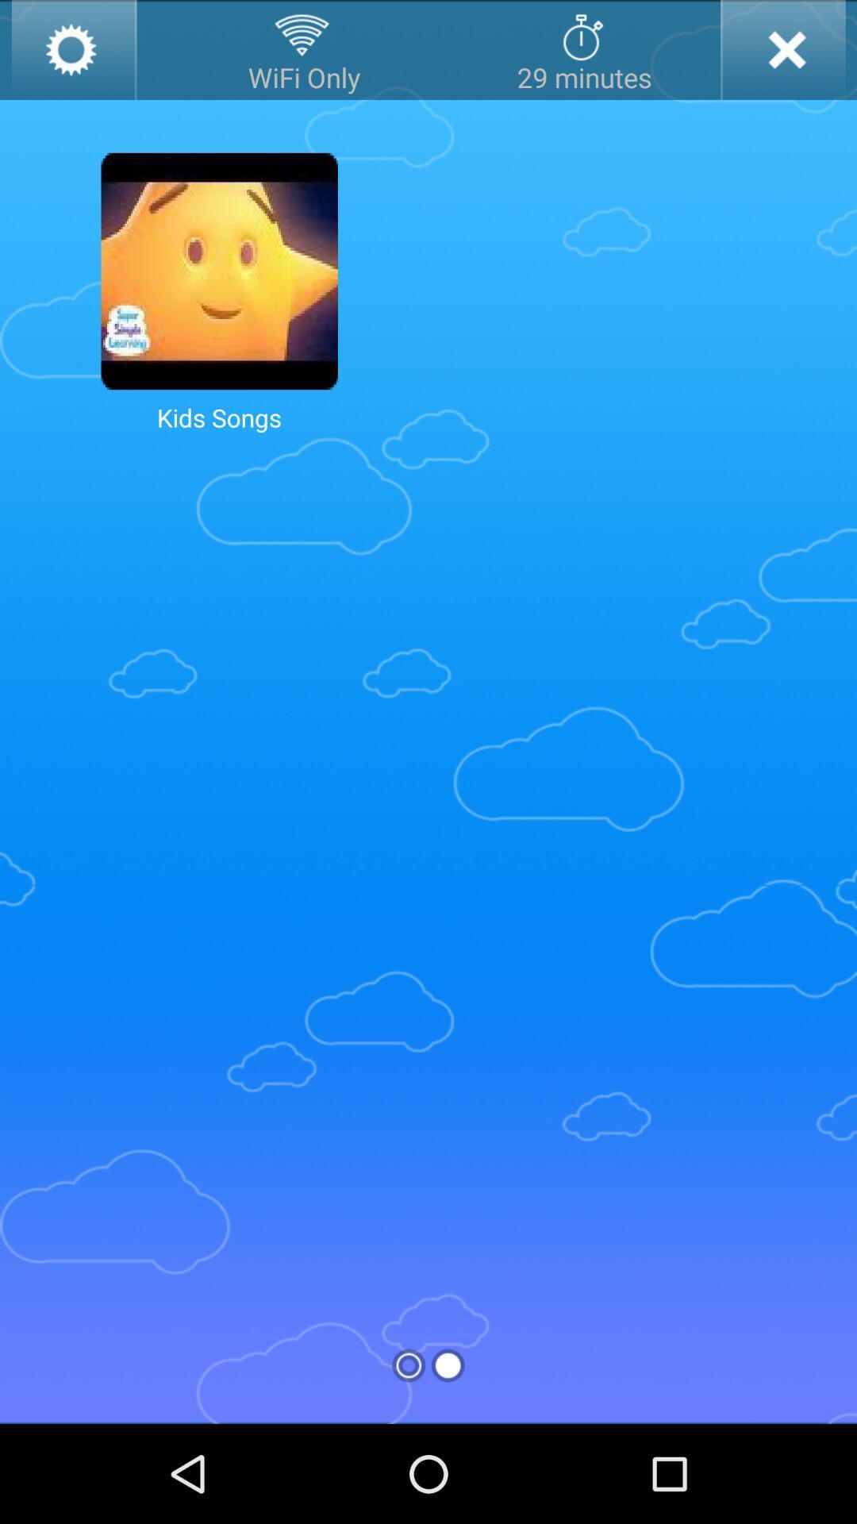  I want to click on wifi only, so click(304, 49).